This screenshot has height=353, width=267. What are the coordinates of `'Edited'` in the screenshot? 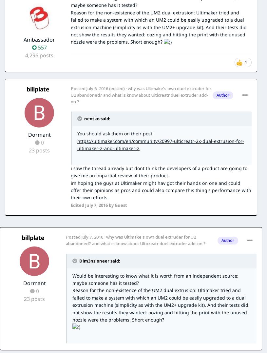 It's located at (78, 205).